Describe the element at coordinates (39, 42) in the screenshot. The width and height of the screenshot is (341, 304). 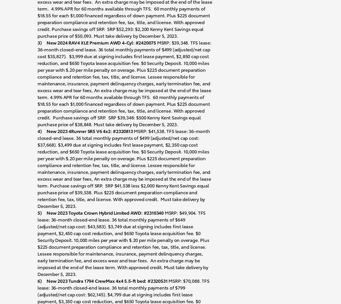
I see `'3)'` at that location.